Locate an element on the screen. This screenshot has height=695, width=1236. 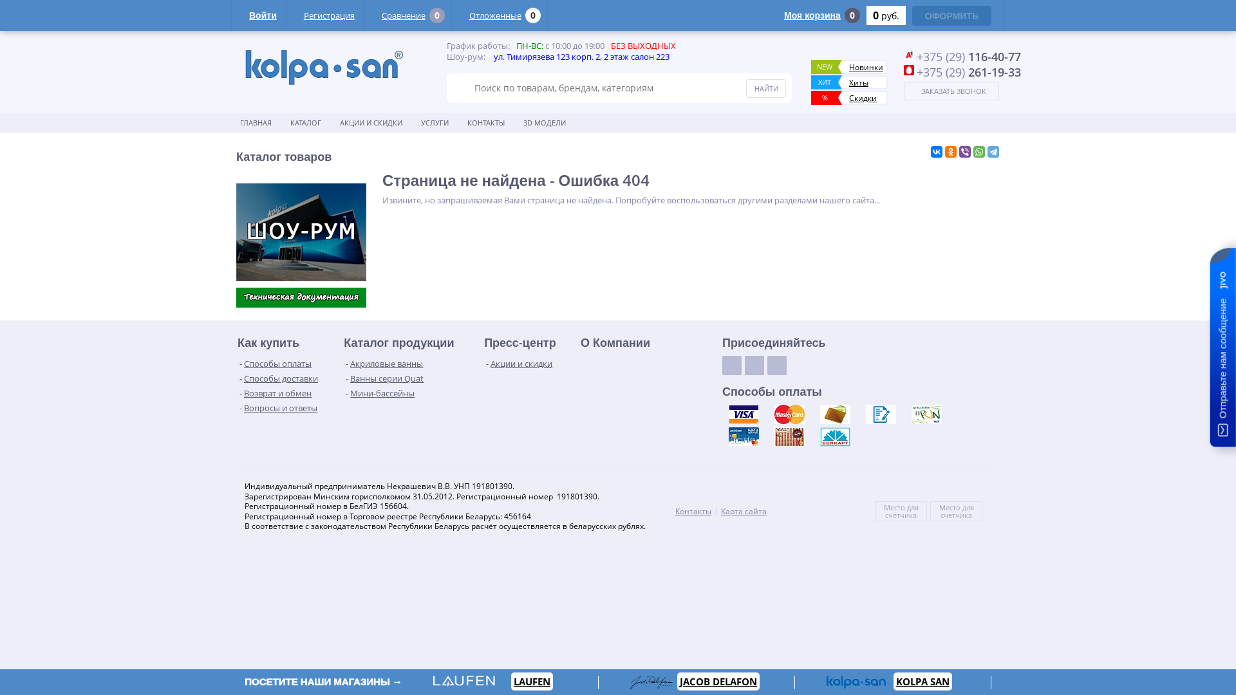
'JACOB DELAFON' is located at coordinates (718, 681).